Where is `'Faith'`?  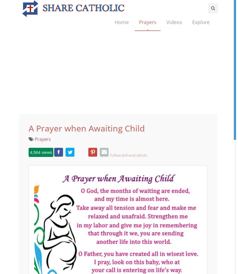 'Faith' is located at coordinates (197, 51).